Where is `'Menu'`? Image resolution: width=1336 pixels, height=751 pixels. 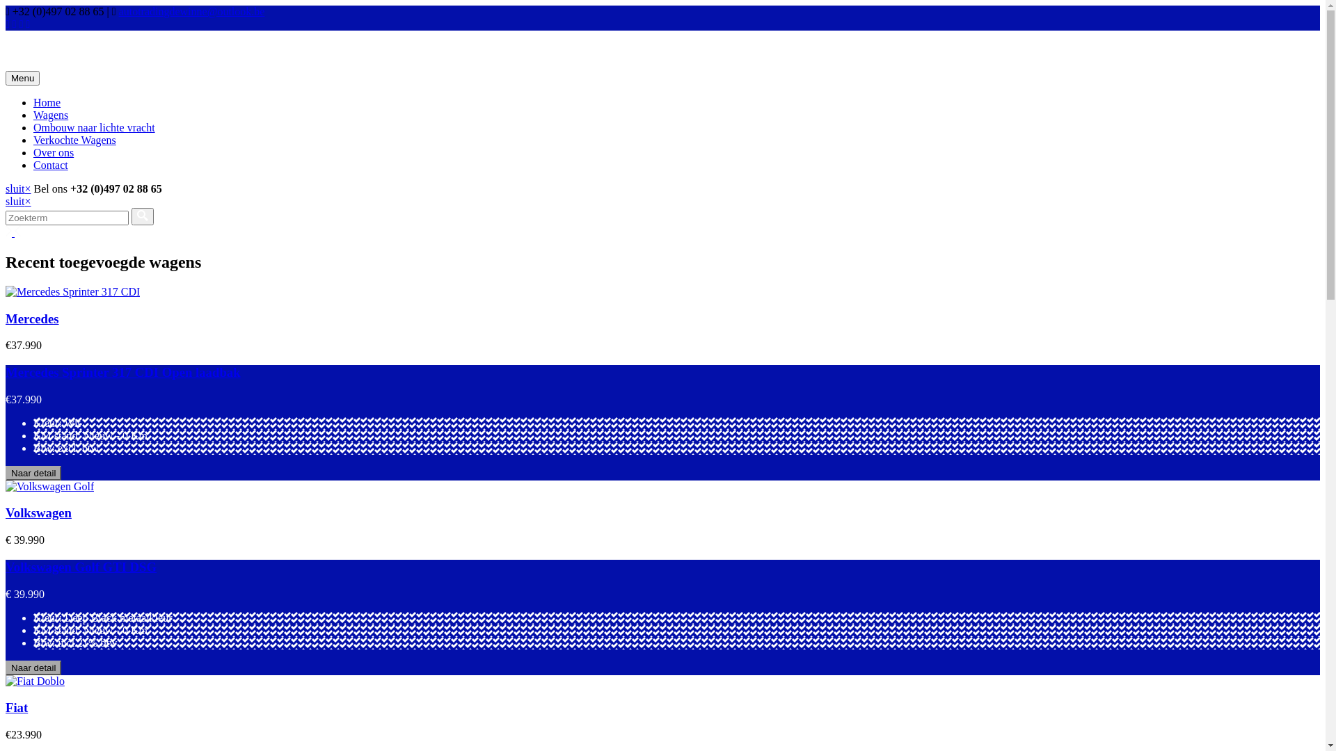
'Menu' is located at coordinates (22, 78).